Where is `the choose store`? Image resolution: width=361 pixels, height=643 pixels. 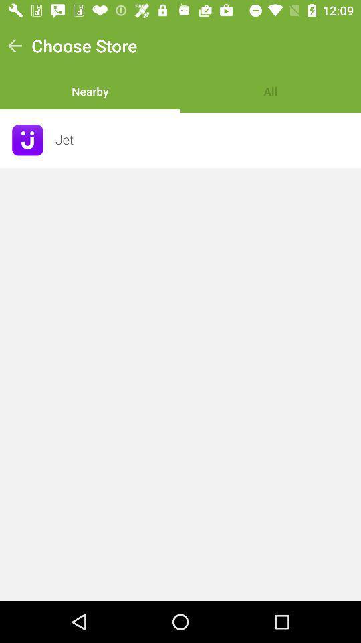 the choose store is located at coordinates (84, 46).